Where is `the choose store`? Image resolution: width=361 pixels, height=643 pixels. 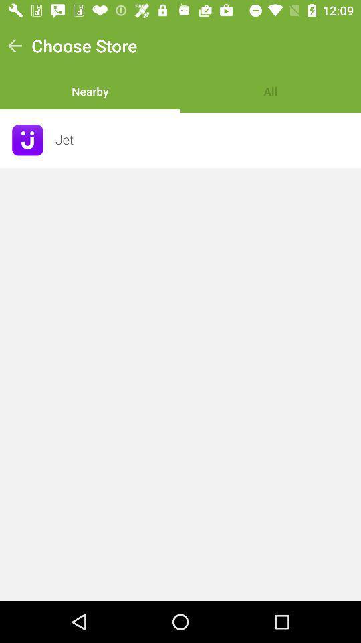 the choose store is located at coordinates (84, 46).